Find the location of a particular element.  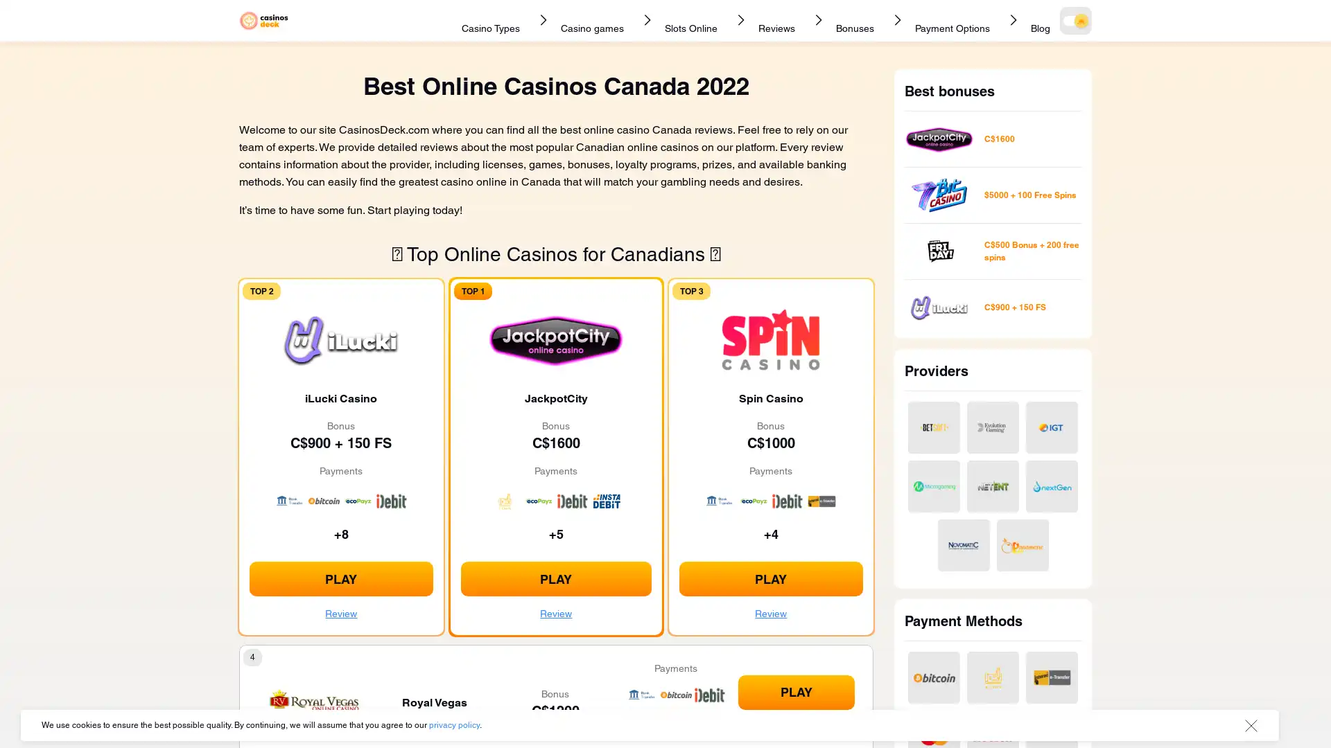

PLAY is located at coordinates (796, 692).